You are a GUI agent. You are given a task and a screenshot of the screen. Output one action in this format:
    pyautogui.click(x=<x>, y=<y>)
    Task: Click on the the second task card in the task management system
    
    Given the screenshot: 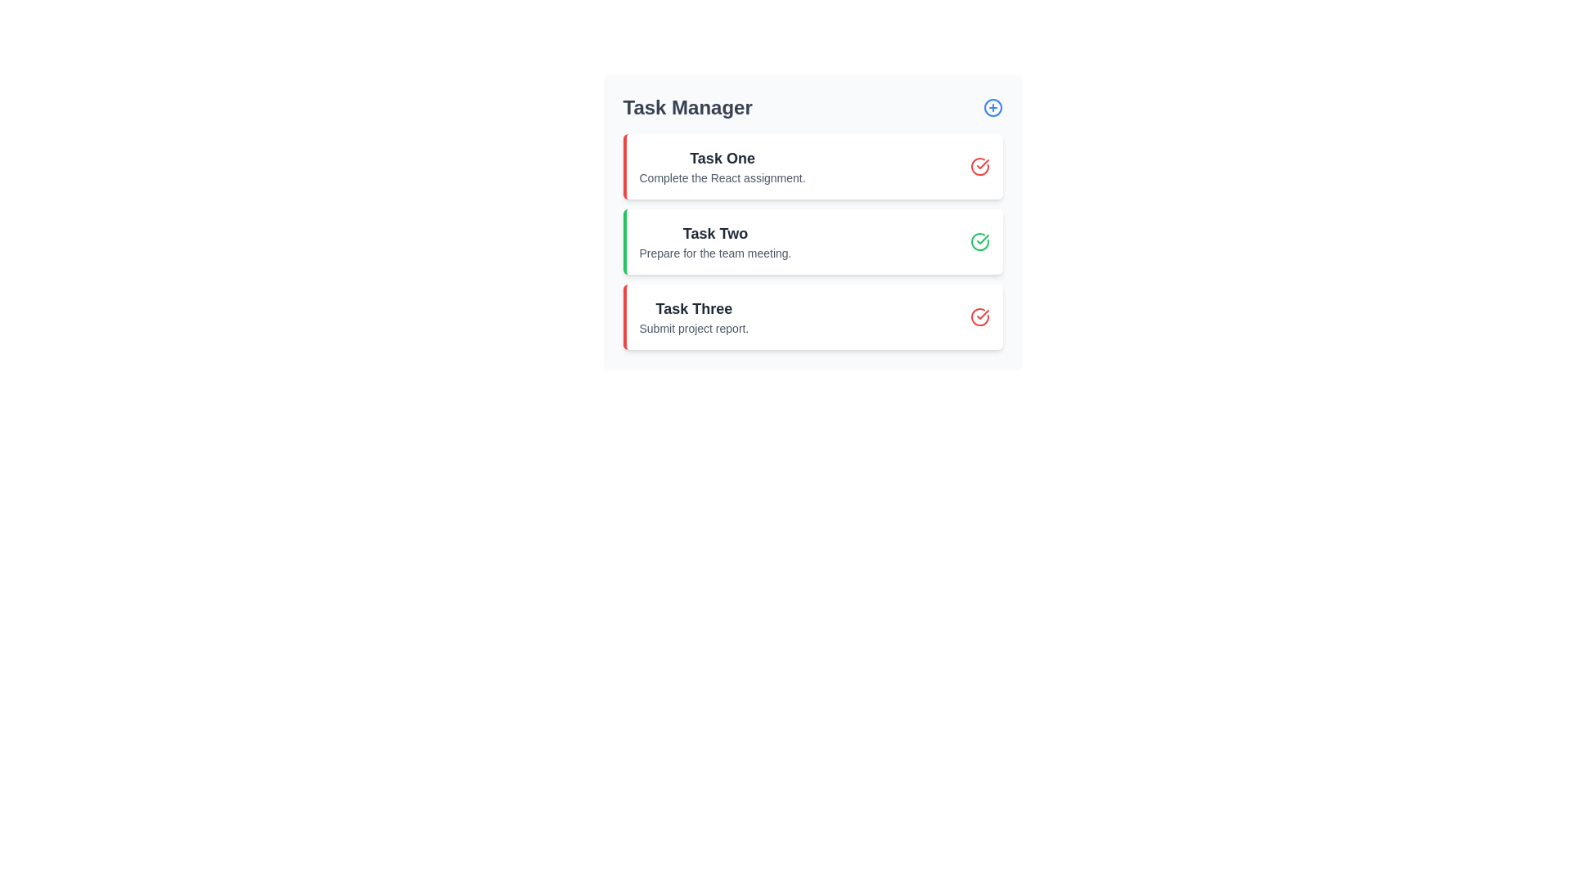 What is the action you would take?
    pyautogui.click(x=813, y=242)
    